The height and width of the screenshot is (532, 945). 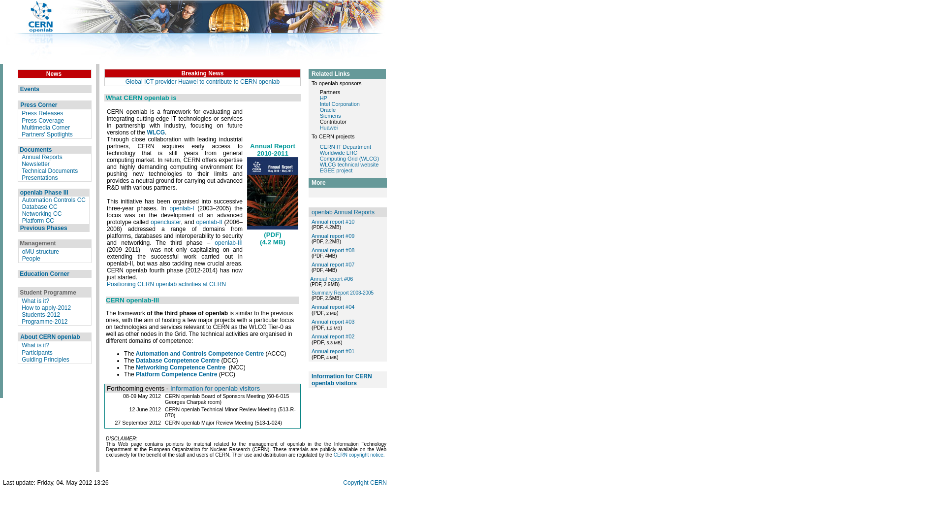 I want to click on 'HP', so click(x=319, y=98).